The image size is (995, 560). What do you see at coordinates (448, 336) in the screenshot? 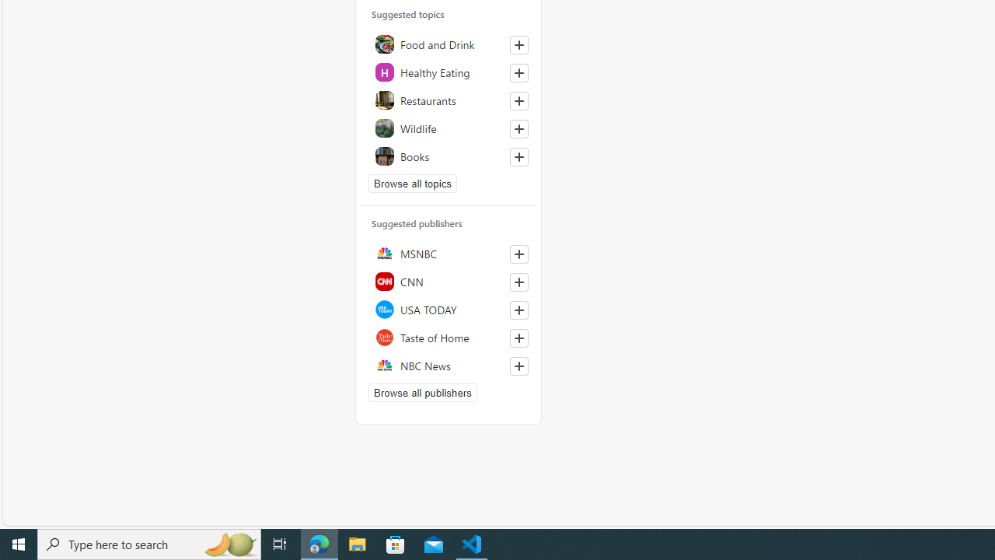
I see `'Taste of Home'` at bounding box center [448, 336].